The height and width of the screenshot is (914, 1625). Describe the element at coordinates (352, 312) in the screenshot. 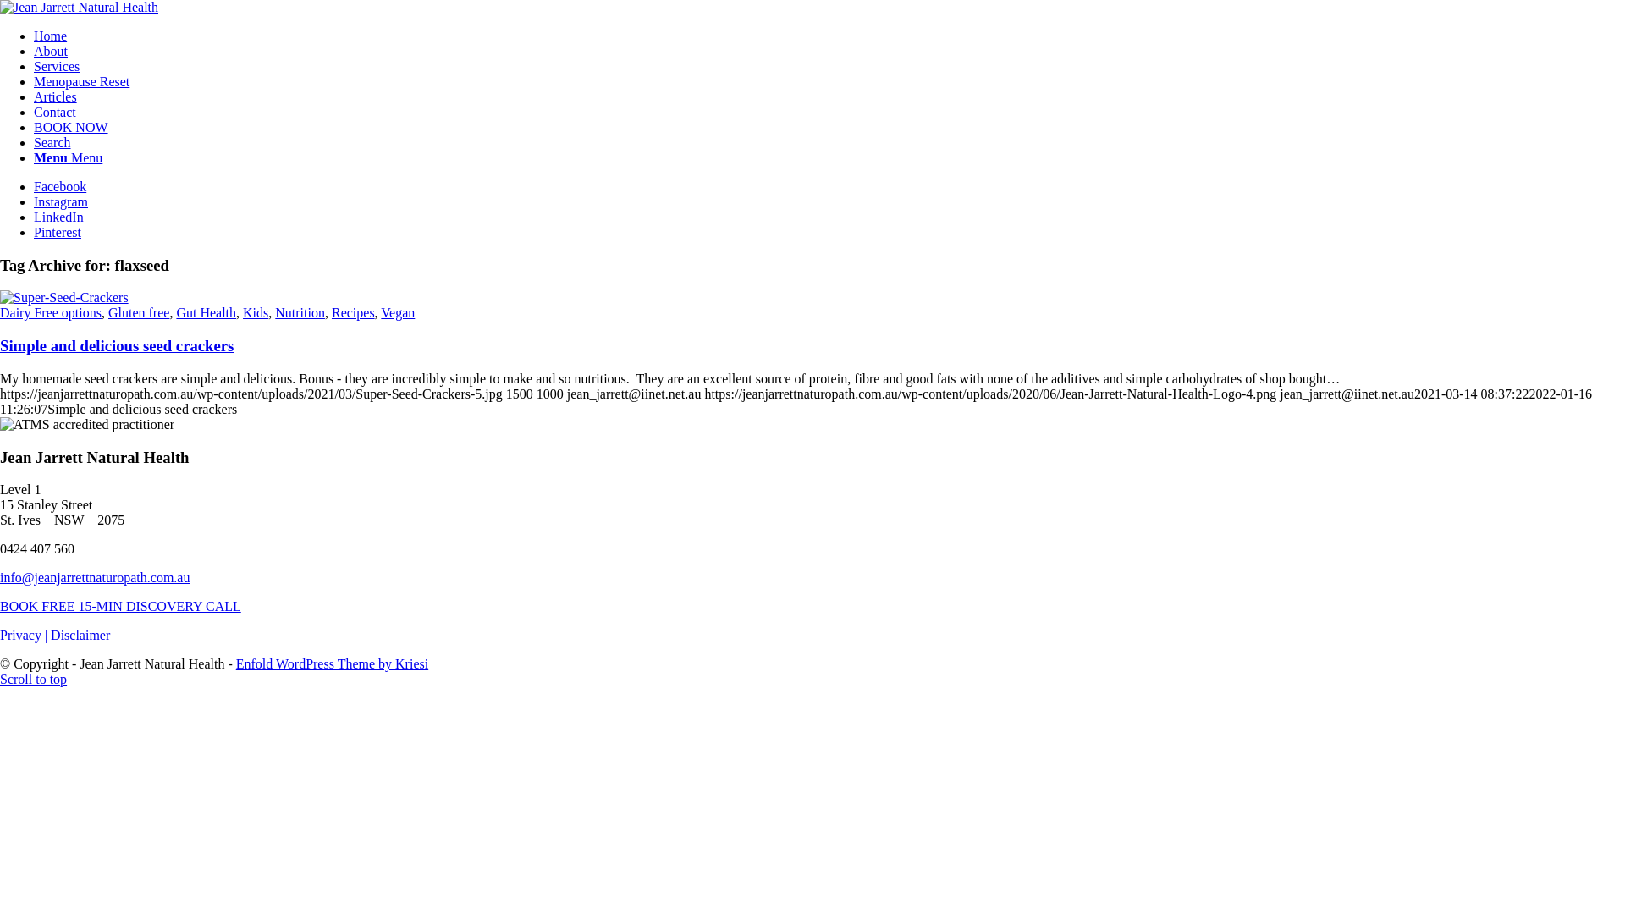

I see `'Recipes'` at that location.